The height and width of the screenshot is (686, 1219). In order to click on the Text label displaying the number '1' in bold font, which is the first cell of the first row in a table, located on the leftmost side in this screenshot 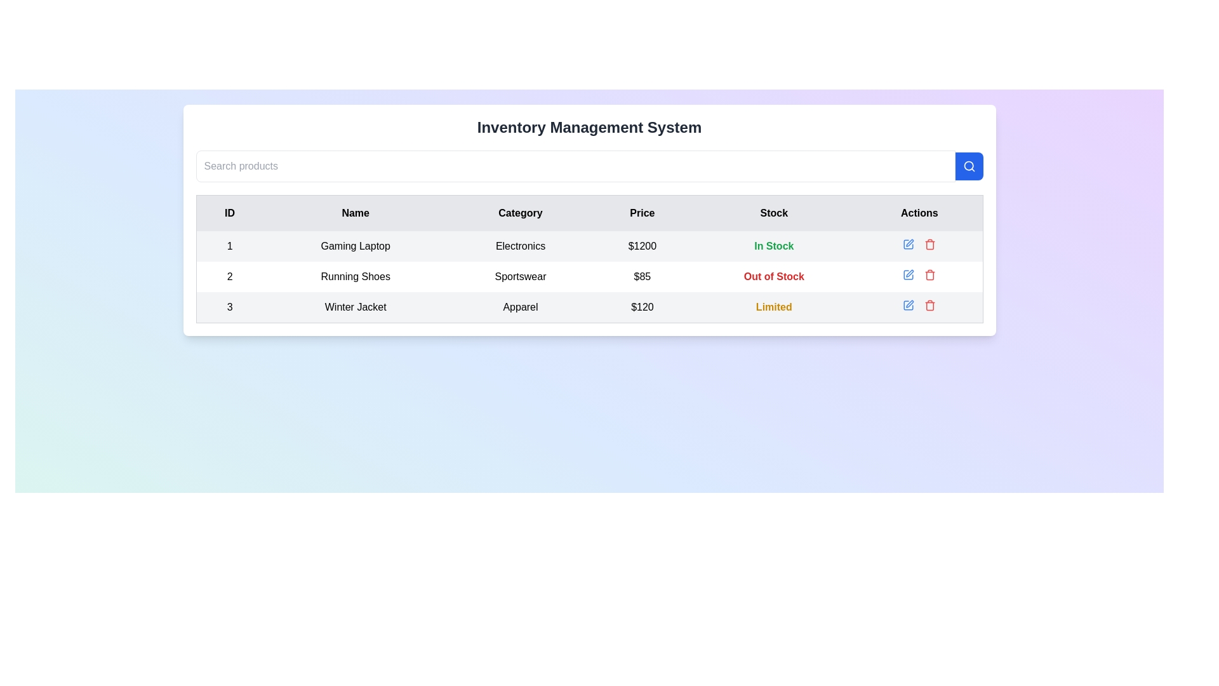, I will do `click(229, 246)`.